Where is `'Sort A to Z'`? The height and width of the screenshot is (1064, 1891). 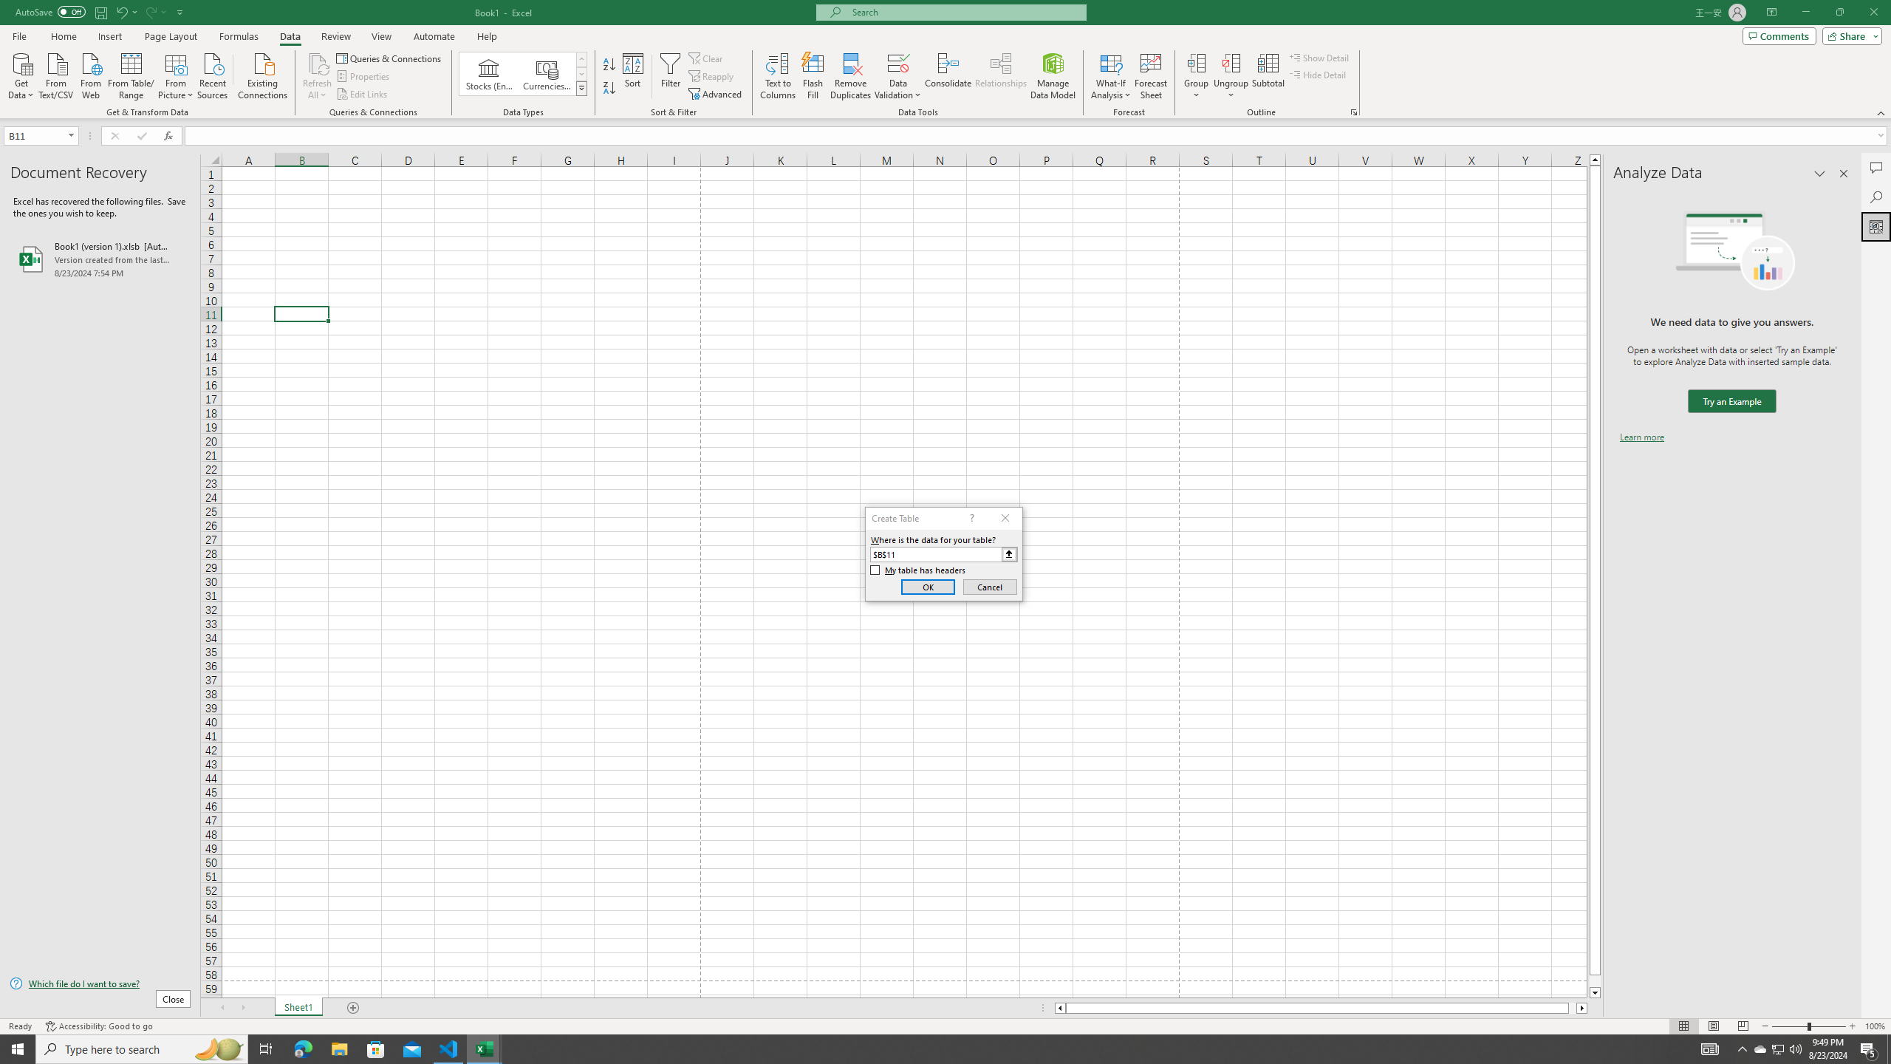 'Sort A to Z' is located at coordinates (609, 64).